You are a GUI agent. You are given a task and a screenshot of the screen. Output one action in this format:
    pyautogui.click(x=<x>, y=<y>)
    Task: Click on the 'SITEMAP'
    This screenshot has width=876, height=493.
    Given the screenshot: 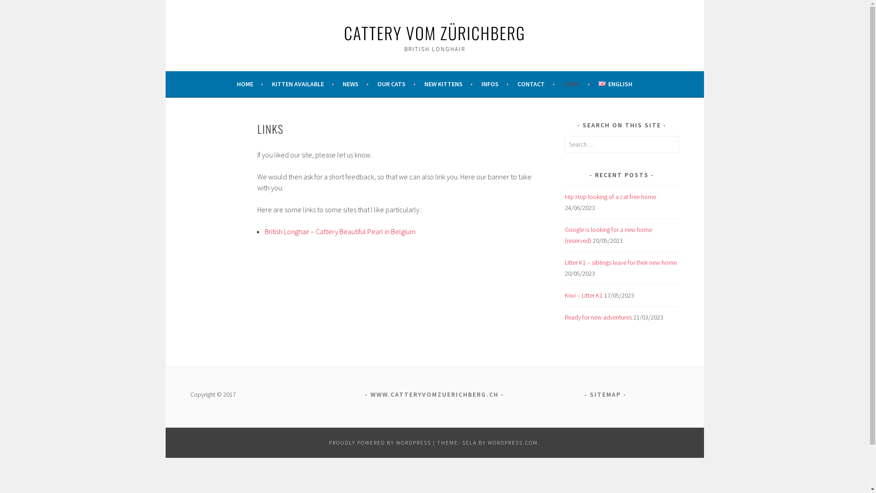 What is the action you would take?
    pyautogui.click(x=589, y=394)
    